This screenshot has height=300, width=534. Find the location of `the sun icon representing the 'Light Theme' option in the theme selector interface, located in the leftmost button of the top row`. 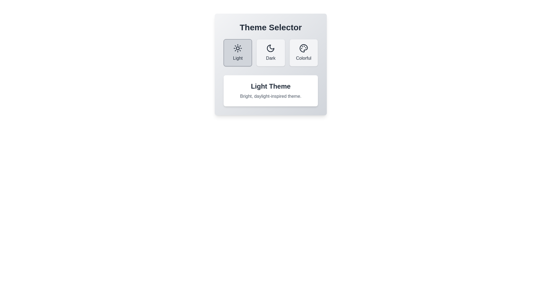

the sun icon representing the 'Light Theme' option in the theme selector interface, located in the leftmost button of the top row is located at coordinates (238, 48).